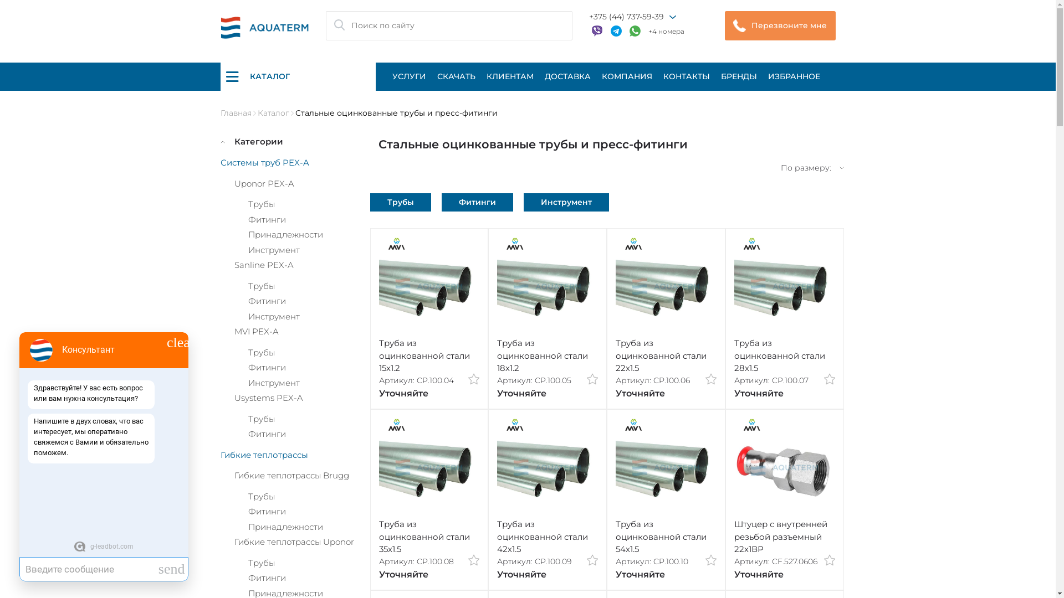 This screenshot has width=1064, height=598. What do you see at coordinates (268, 397) in the screenshot?
I see `'Usystems PEX-A'` at bounding box center [268, 397].